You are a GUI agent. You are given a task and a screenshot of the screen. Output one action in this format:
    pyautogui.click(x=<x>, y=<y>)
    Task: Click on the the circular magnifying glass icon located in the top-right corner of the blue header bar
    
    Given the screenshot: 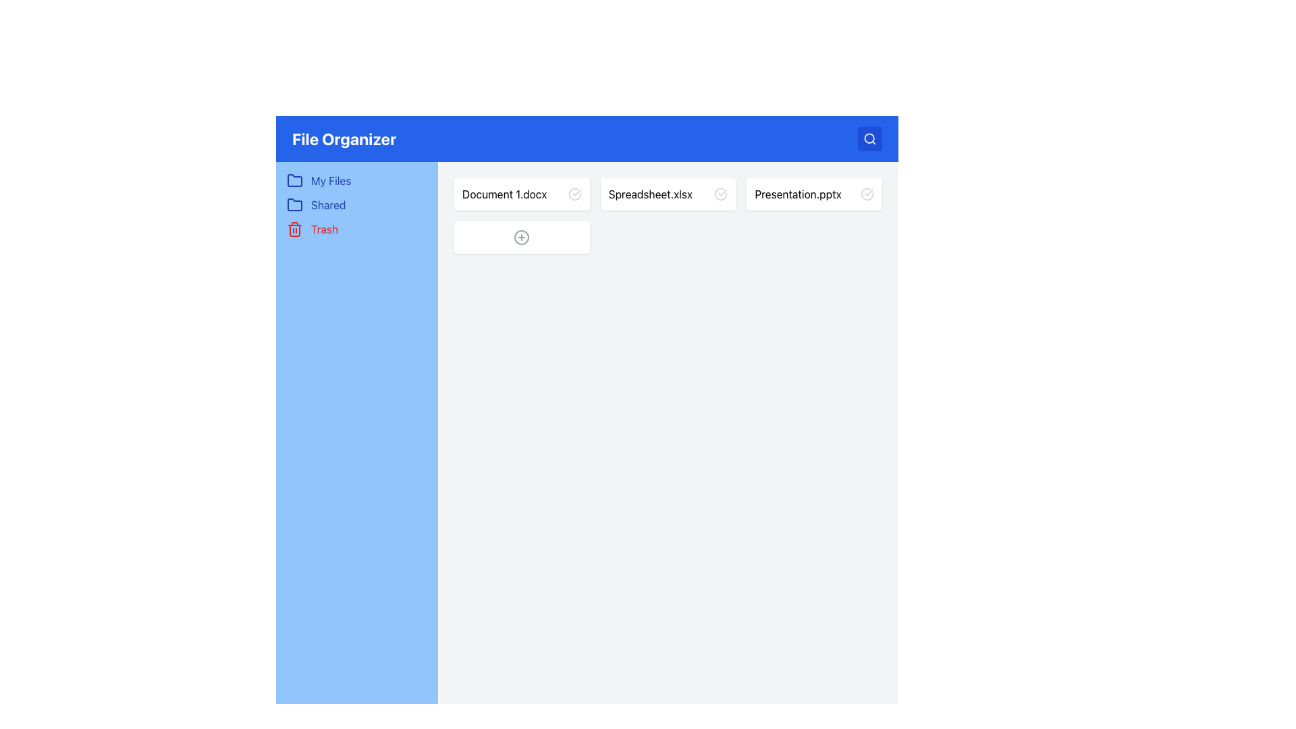 What is the action you would take?
    pyautogui.click(x=869, y=138)
    